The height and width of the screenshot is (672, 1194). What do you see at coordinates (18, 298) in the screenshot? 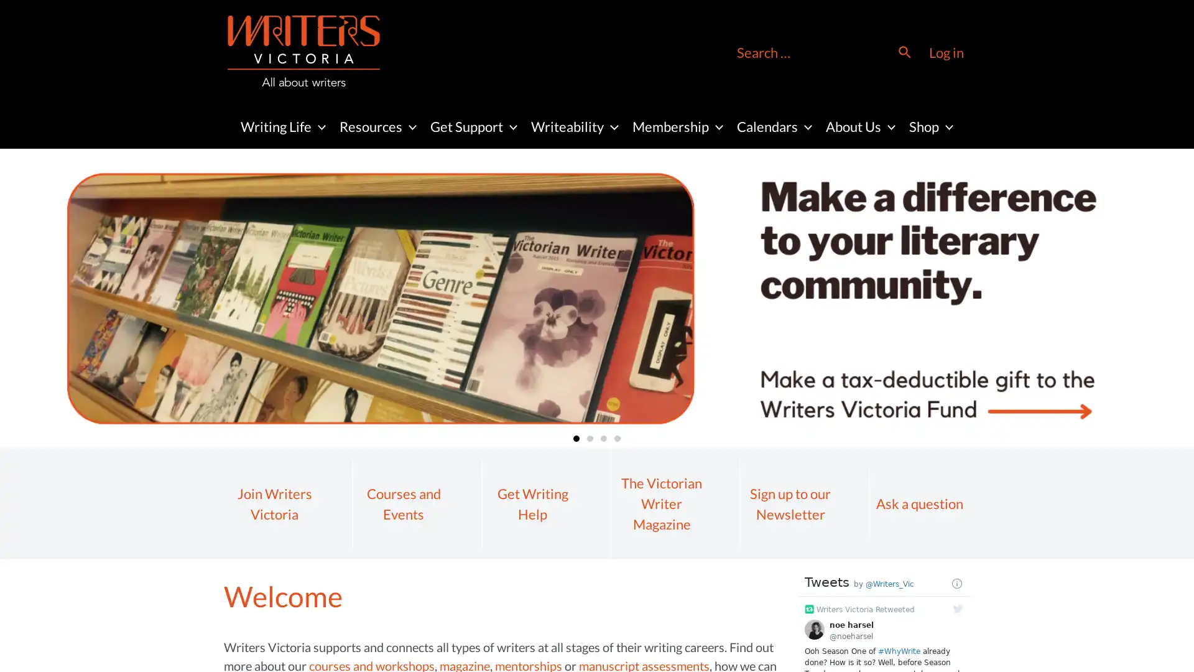
I see `Previous slide` at bounding box center [18, 298].